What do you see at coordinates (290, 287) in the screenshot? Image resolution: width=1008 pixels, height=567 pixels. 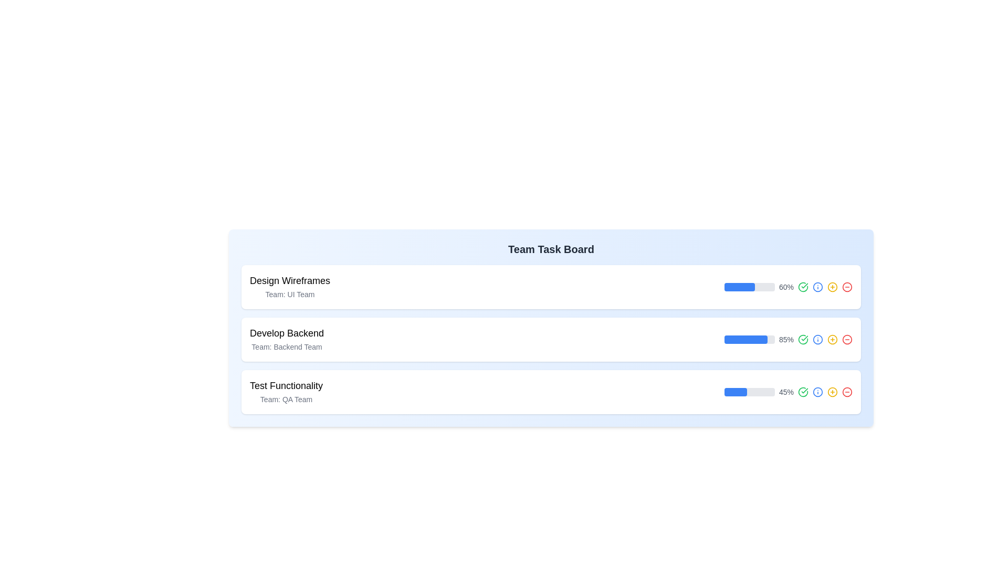 I see `the text block displaying 'Design Wireframes' and 'Team: UI Team', which is the topmost task item under the 'Team Task Board'` at bounding box center [290, 287].